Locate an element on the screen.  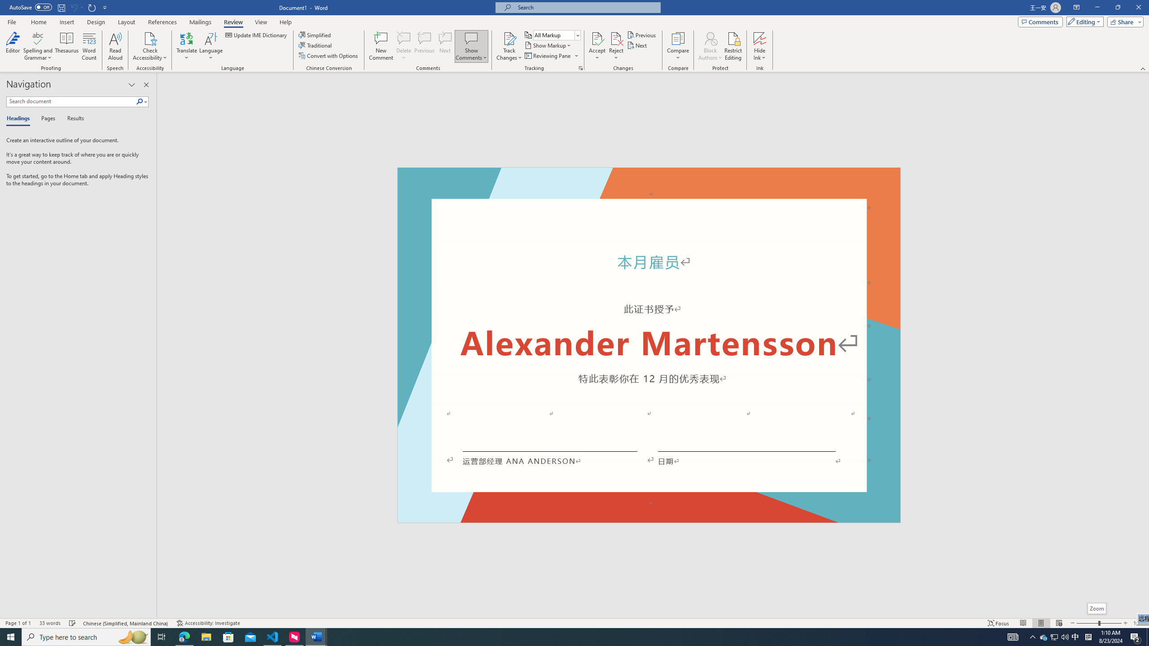
'Hide Ink' is located at coordinates (759, 38).